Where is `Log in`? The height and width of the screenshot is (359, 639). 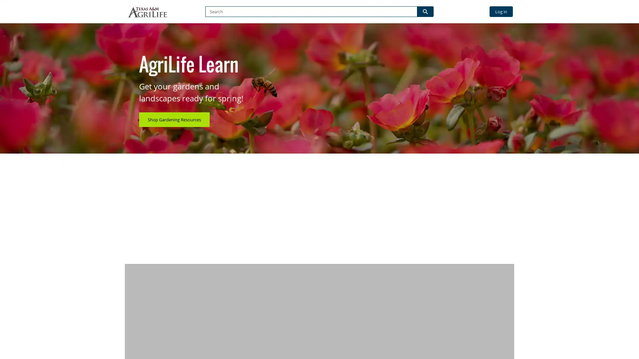 Log in is located at coordinates (501, 11).